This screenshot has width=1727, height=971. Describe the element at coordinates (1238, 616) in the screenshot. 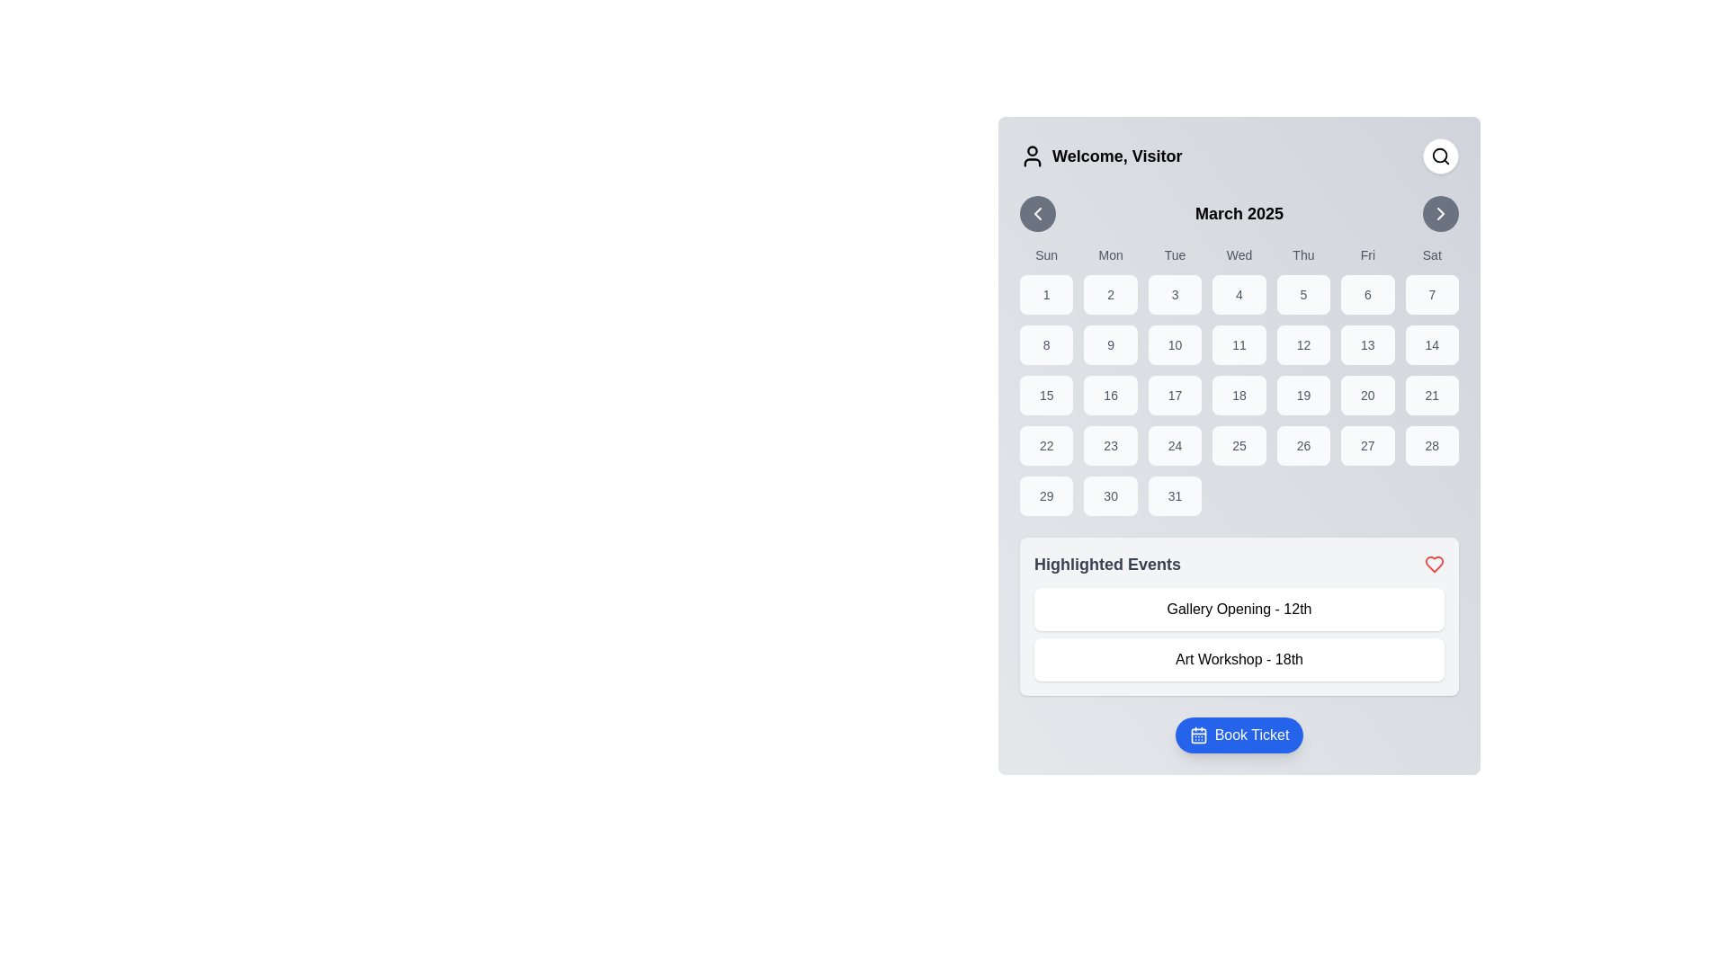

I see `listed events from the Information Card located below the calendar grid in the main card of the interface` at that location.